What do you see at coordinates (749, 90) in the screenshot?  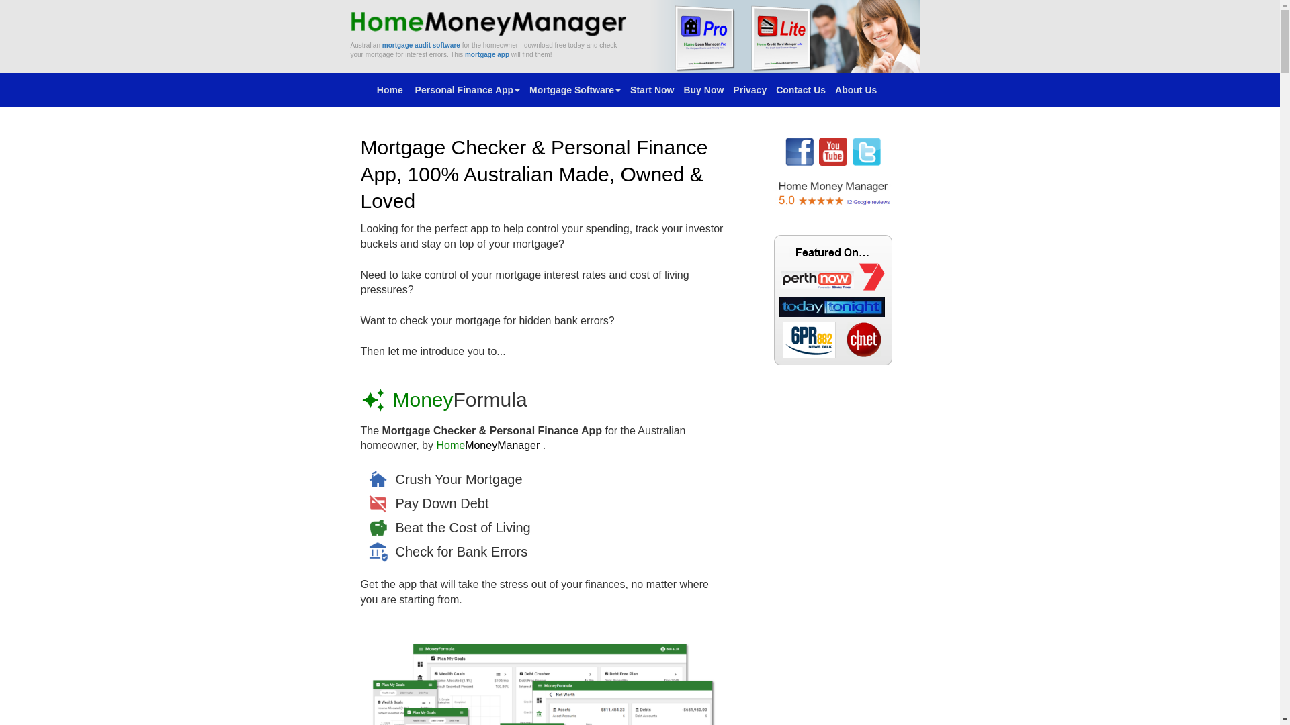 I see `'Privacy'` at bounding box center [749, 90].